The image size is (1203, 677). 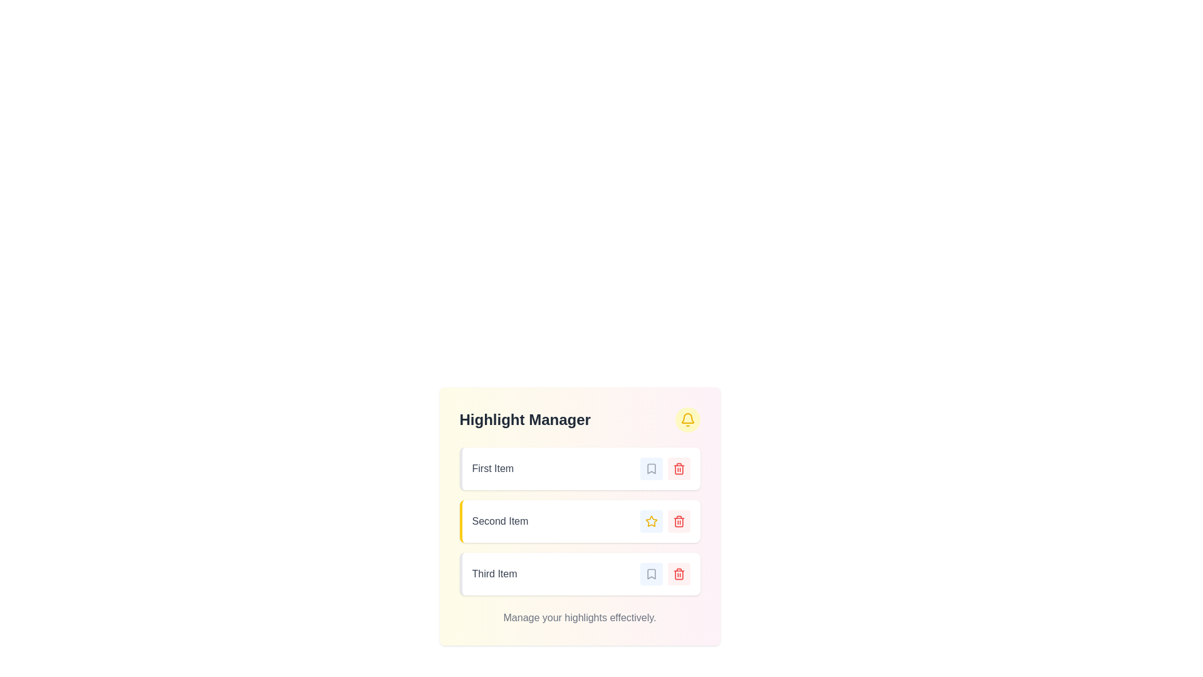 What do you see at coordinates (678, 522) in the screenshot?
I see `the trash can icon representing the delete action for the second item in the list under the 'Highlight Manager' section` at bounding box center [678, 522].